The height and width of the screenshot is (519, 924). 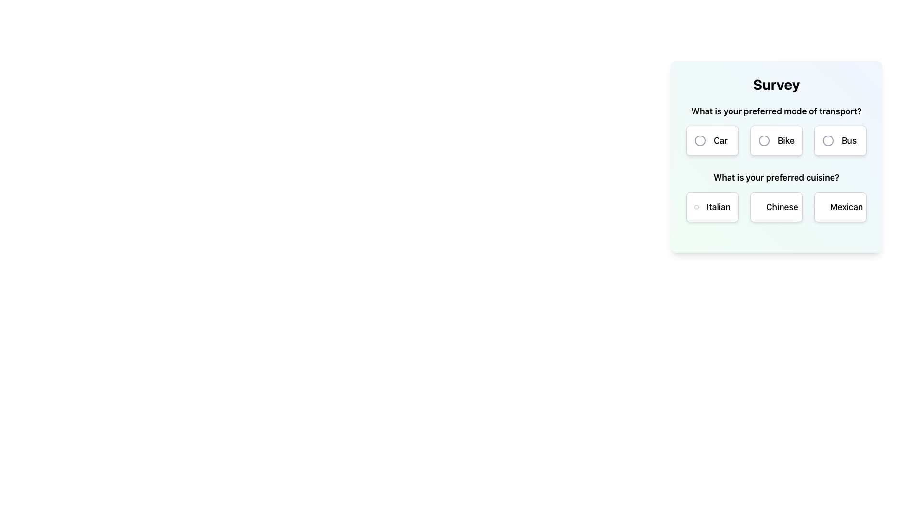 What do you see at coordinates (782, 207) in the screenshot?
I see `the radio button label displaying 'Chinese'` at bounding box center [782, 207].